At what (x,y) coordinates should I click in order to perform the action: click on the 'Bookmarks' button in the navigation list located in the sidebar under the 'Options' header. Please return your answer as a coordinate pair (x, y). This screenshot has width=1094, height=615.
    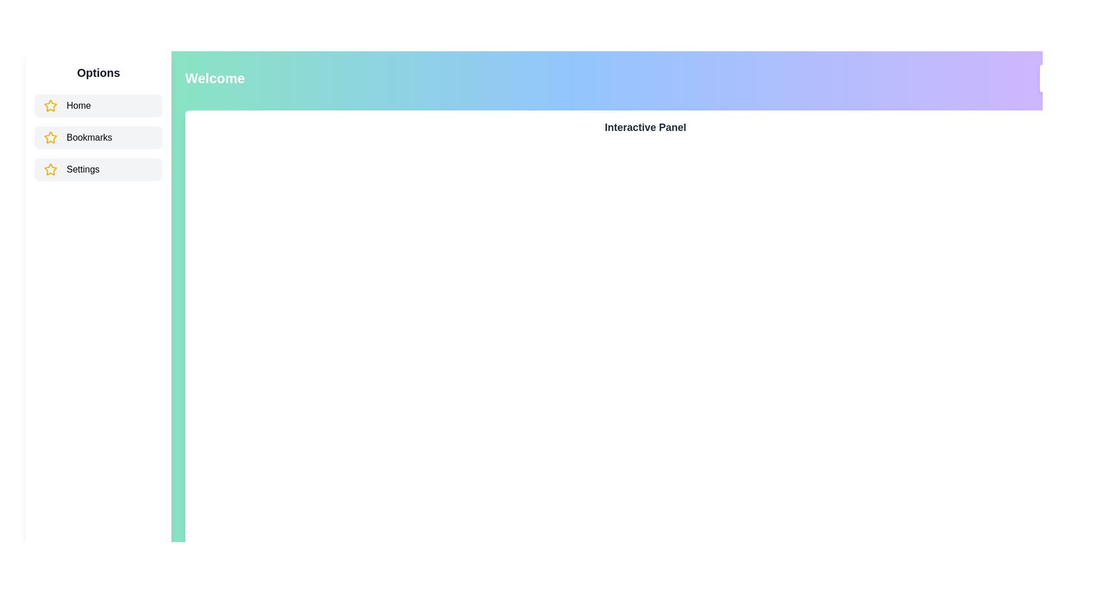
    Looking at the image, I should click on (98, 137).